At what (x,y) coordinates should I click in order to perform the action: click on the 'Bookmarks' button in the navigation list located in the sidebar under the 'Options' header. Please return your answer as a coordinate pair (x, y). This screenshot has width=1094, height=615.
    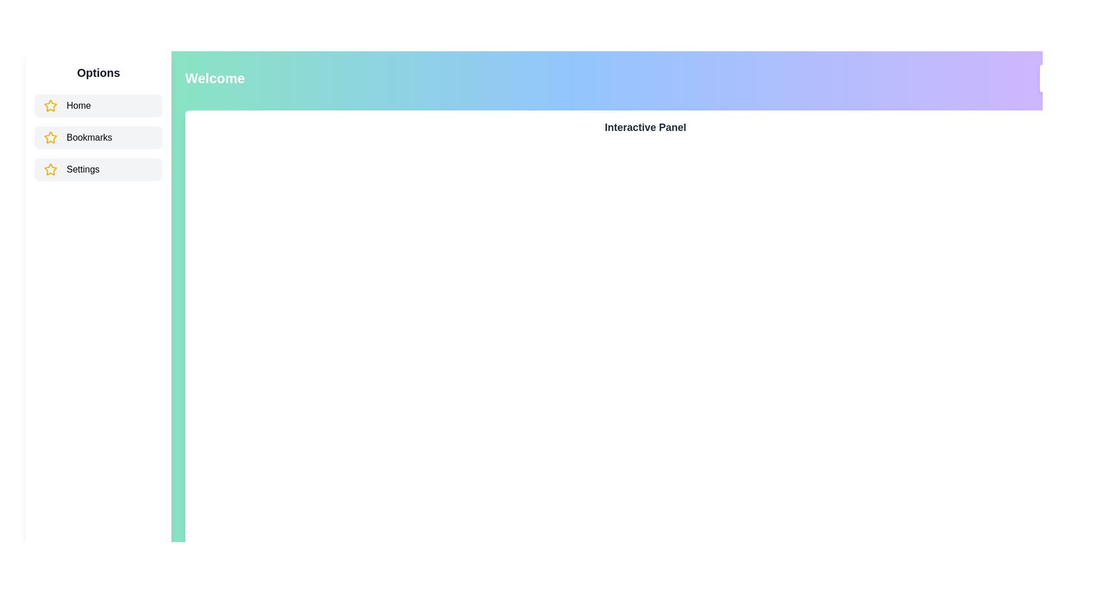
    Looking at the image, I should click on (98, 137).